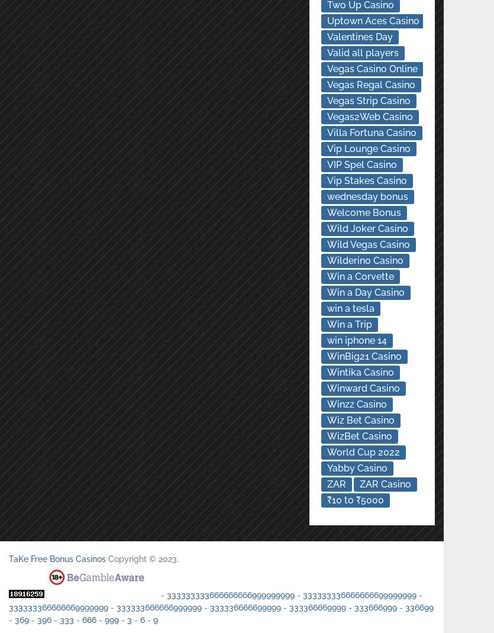 The height and width of the screenshot is (633, 494). Describe the element at coordinates (58, 607) in the screenshot. I see `'333333366666669999999'` at that location.